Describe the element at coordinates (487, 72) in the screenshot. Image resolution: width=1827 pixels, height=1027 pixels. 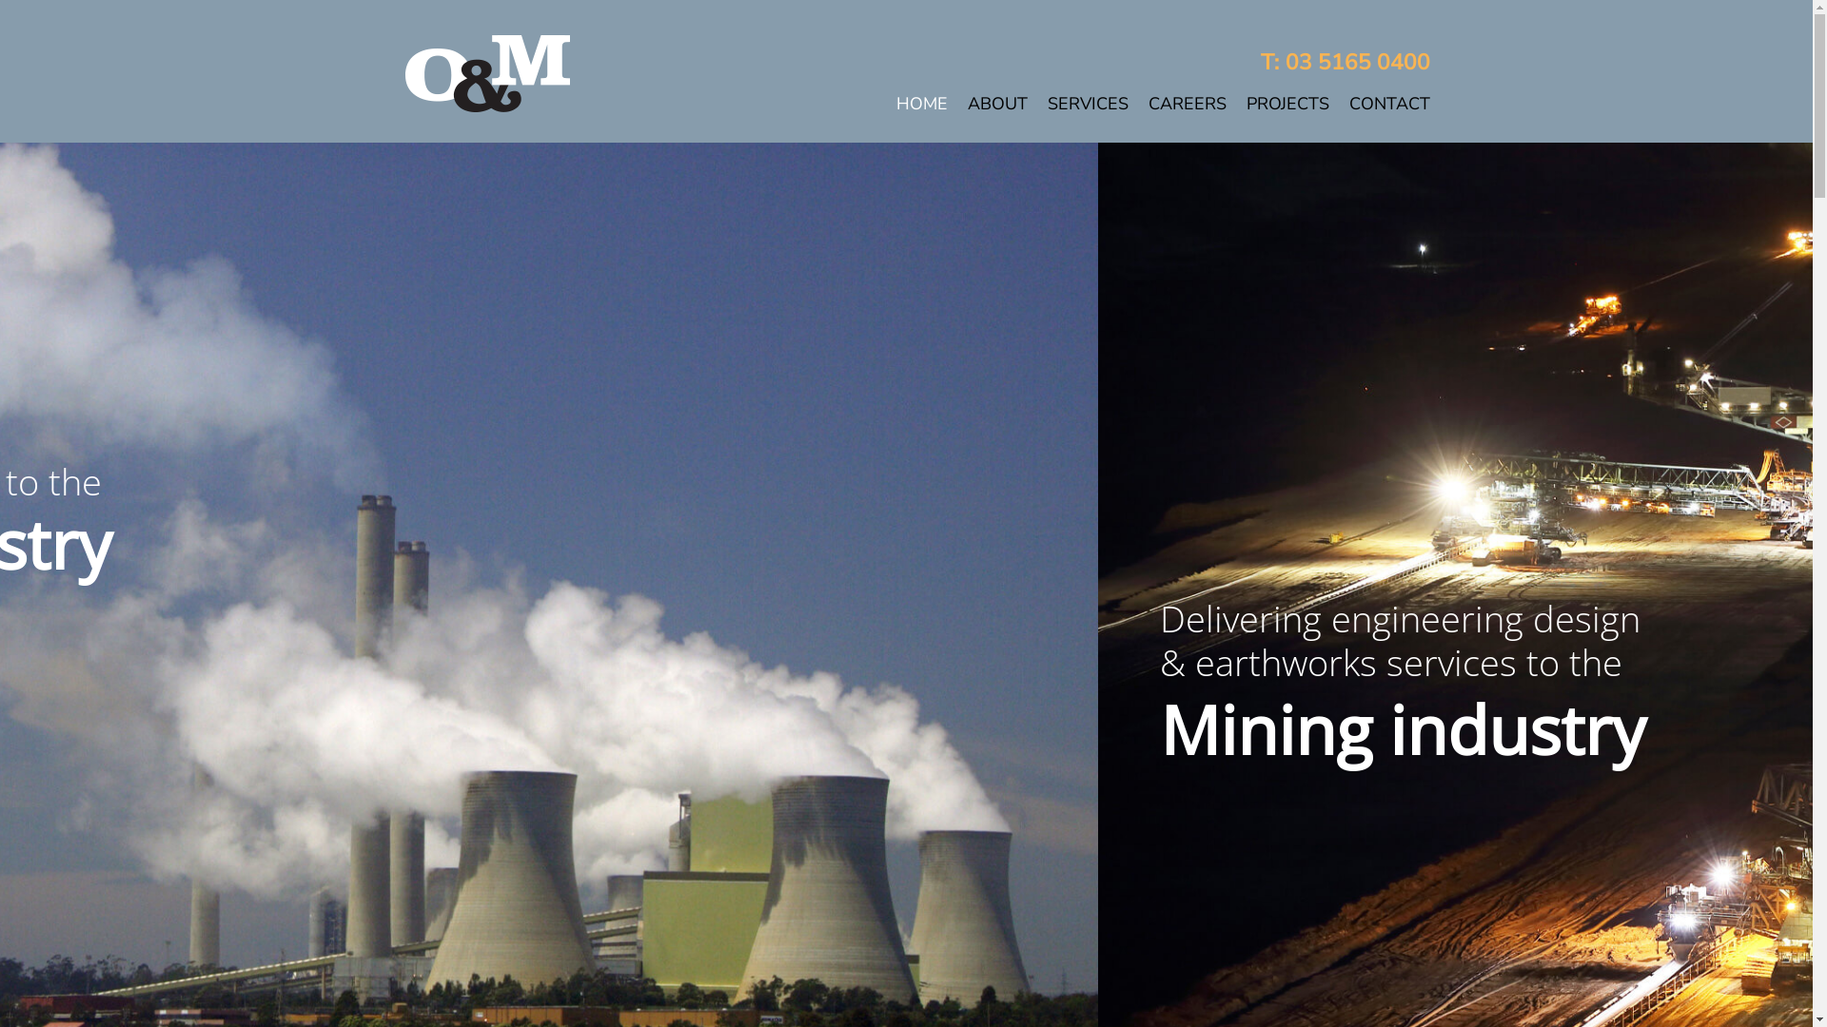
I see `'OM-logo-reversed-180px'` at that location.